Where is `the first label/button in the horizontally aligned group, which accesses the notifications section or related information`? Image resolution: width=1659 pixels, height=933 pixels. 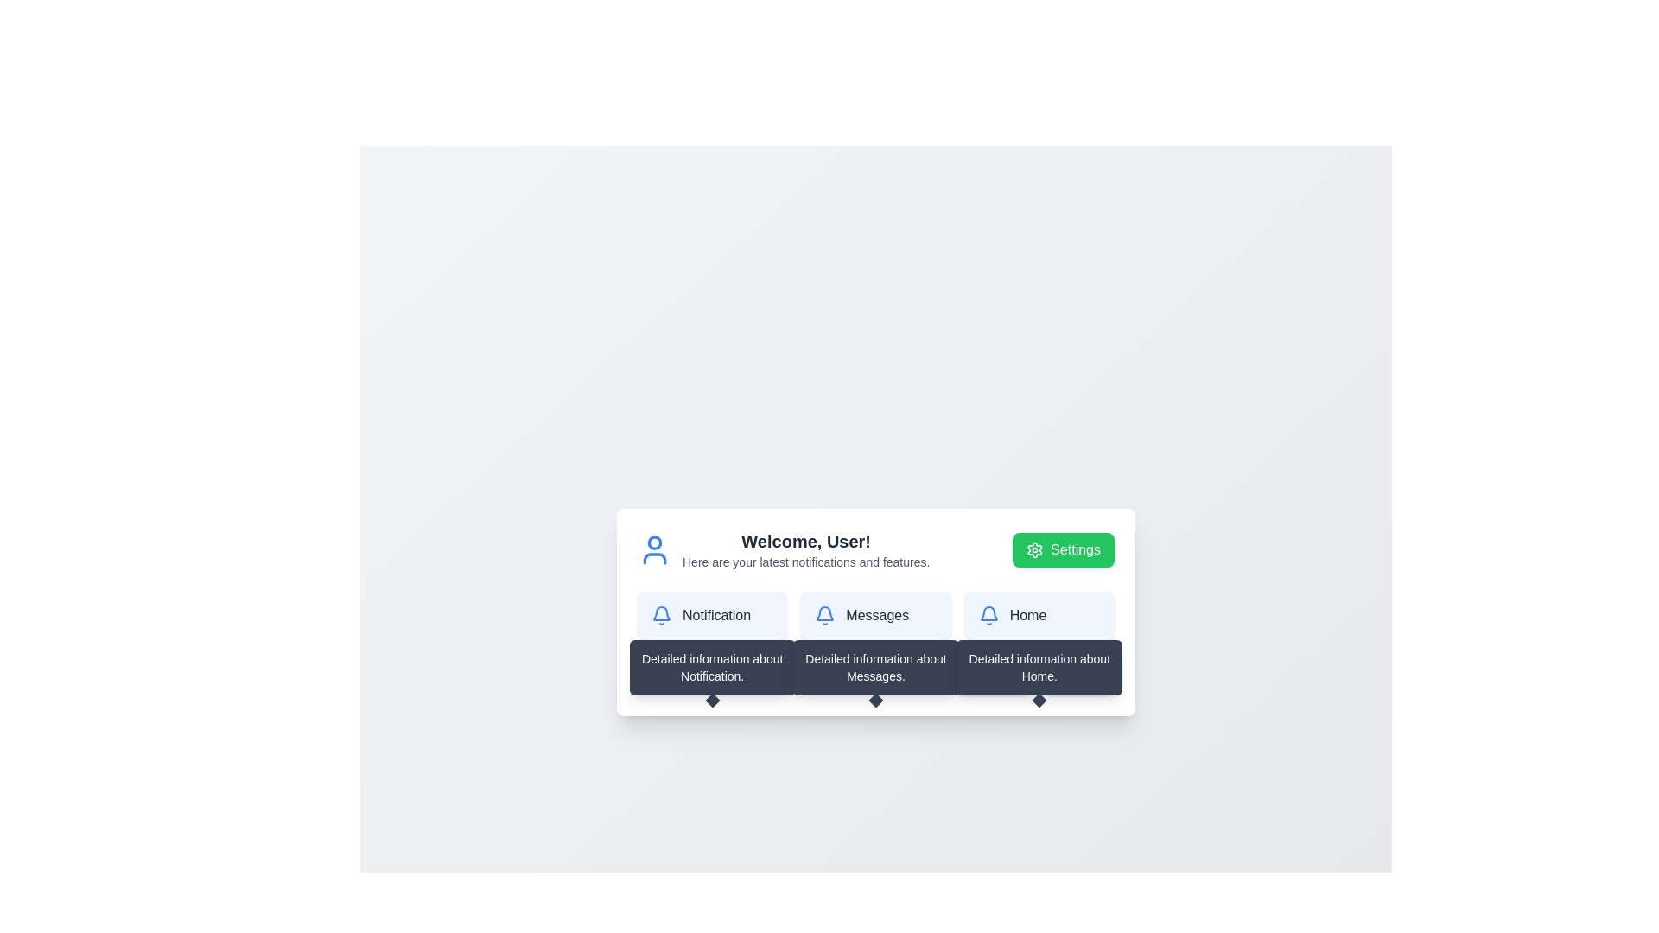
the first label/button in the horizontally aligned group, which accesses the notifications section or related information is located at coordinates (712, 615).